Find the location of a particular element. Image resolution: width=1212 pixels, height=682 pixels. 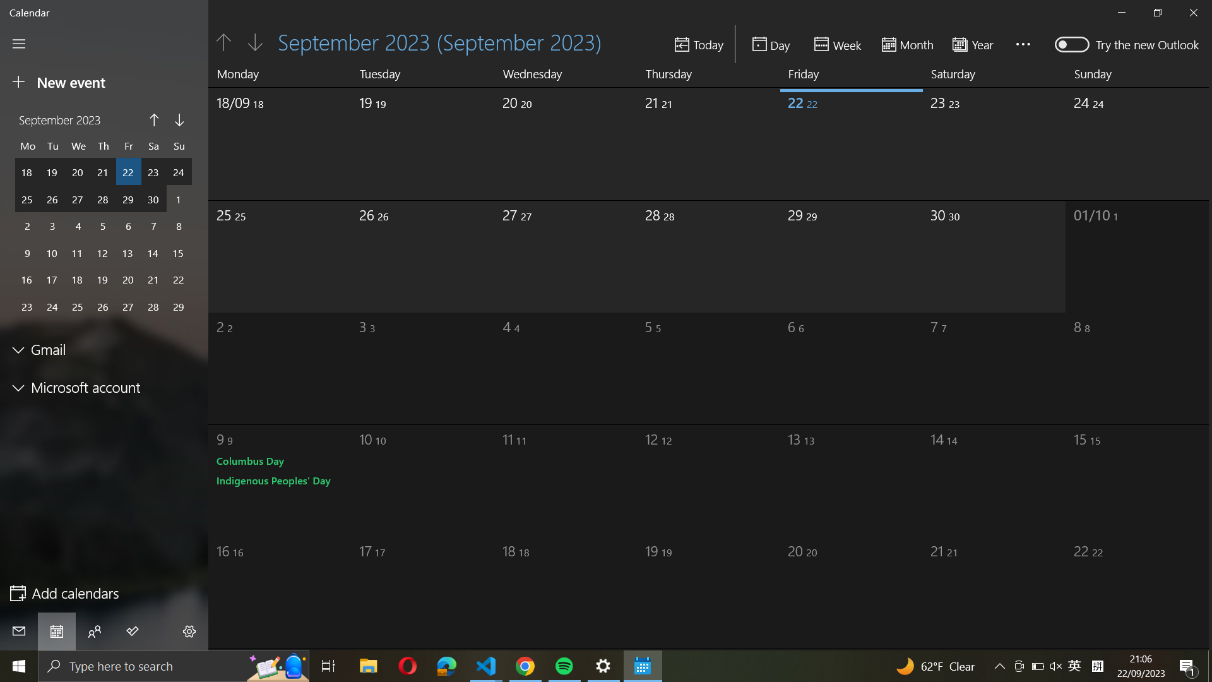

the final day of September is located at coordinates (995, 139).